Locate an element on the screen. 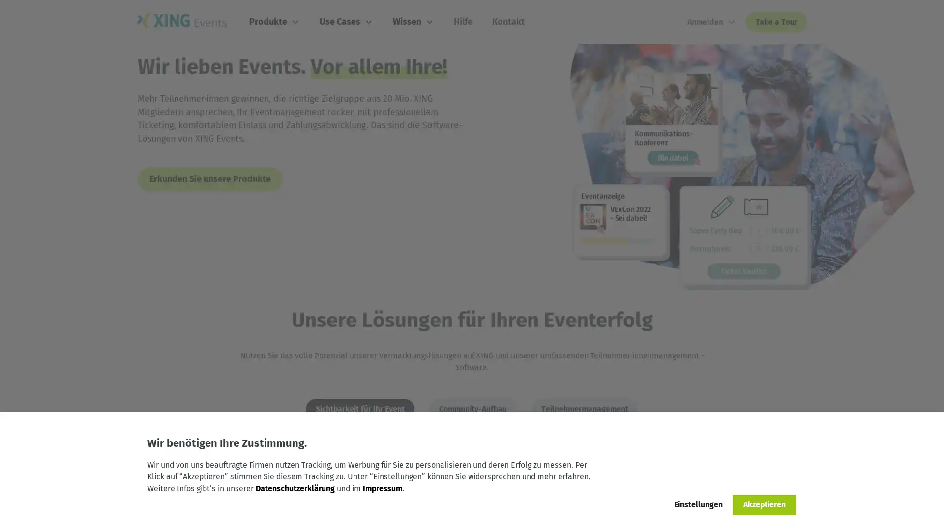 Image resolution: width=944 pixels, height=531 pixels. Anmelden Symbol Arrow down is located at coordinates (711, 22).